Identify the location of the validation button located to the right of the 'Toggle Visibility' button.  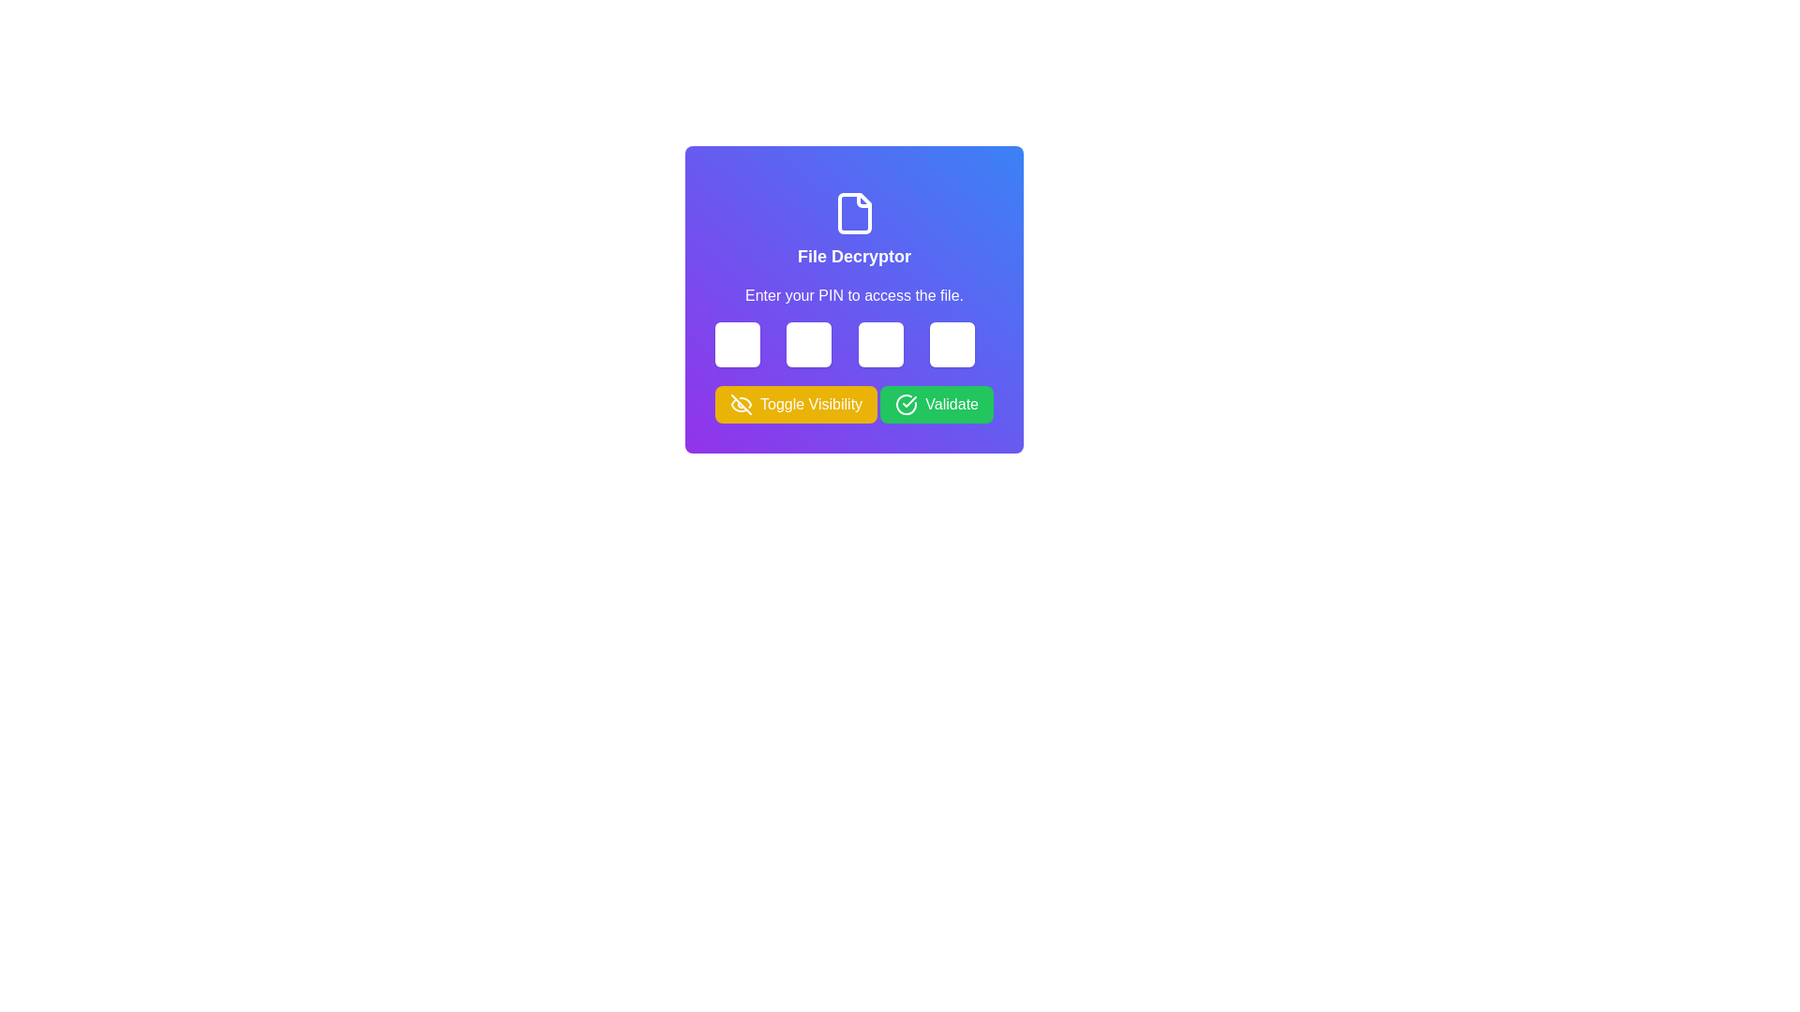
(937, 404).